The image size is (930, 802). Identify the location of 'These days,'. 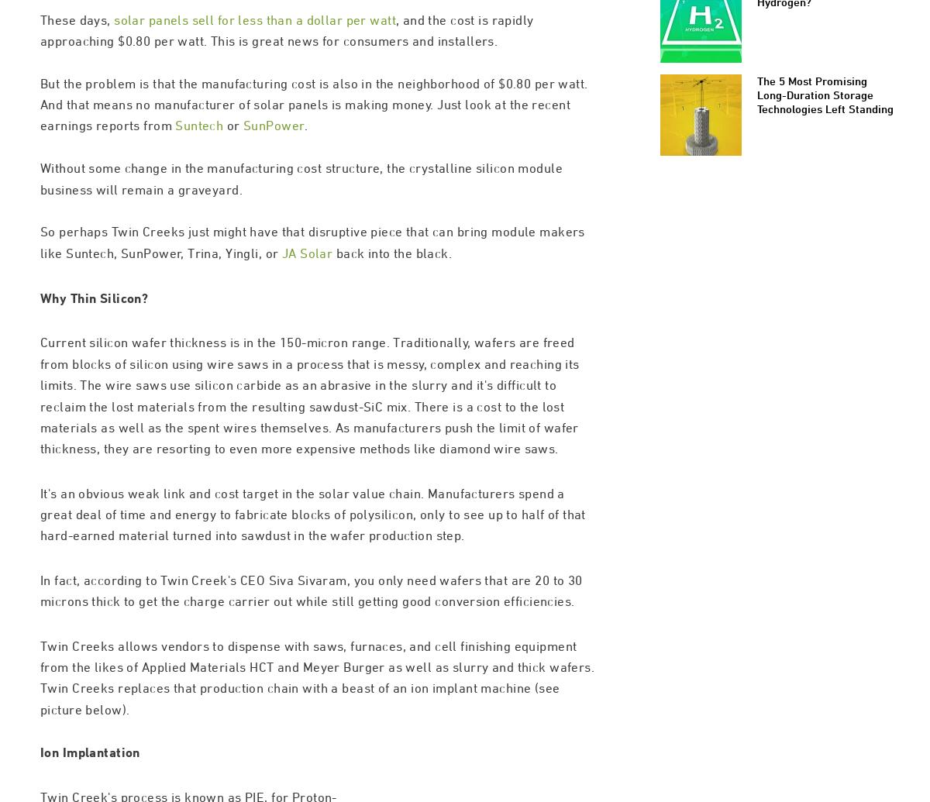
(77, 85).